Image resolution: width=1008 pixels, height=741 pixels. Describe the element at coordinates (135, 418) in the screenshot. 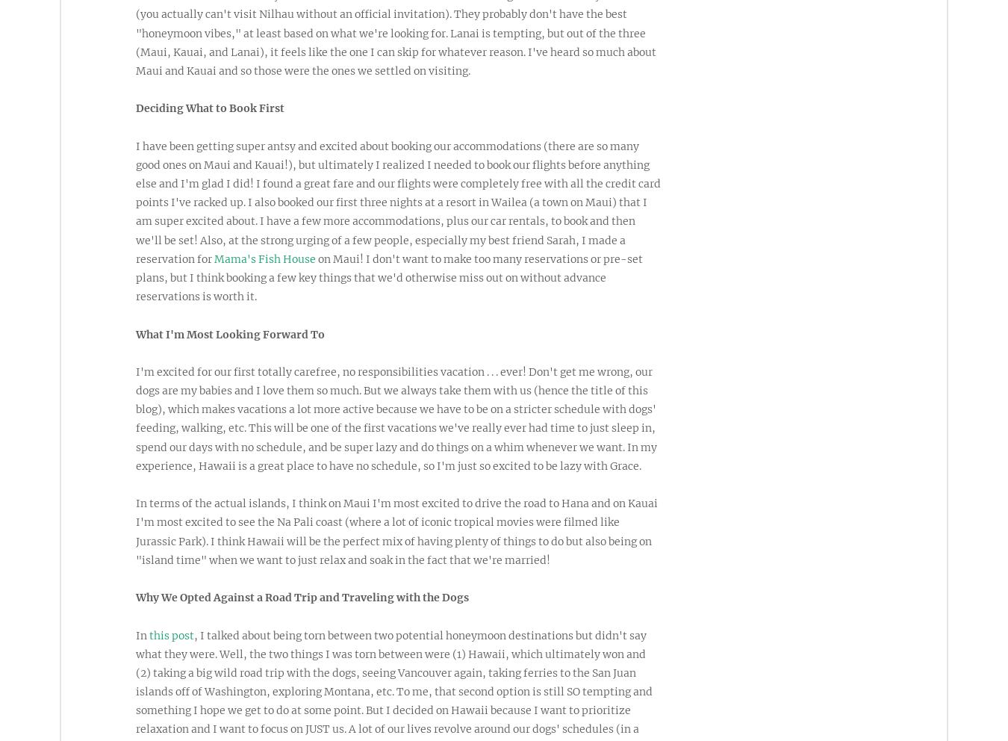

I see `'I'm excited for our first totally carefree, no responsibilities vacation . . . ever! Don't get me wrong, our dogs are my babies and I love them so much. But we always take them with us (hence the title of this blog), which makes vacations a lot more active because we have to be on a stricter schedule with dogs' feeding, walking, etc. This will be one of the first vacations we've really ever had time to just sleep in, spend our days with no schedule, and be super lazy and do things on a whim whenever we want. In my experience, Hawaii is a great place to have no schedule, so I'm just so excited to be lazy with Grace.'` at that location.